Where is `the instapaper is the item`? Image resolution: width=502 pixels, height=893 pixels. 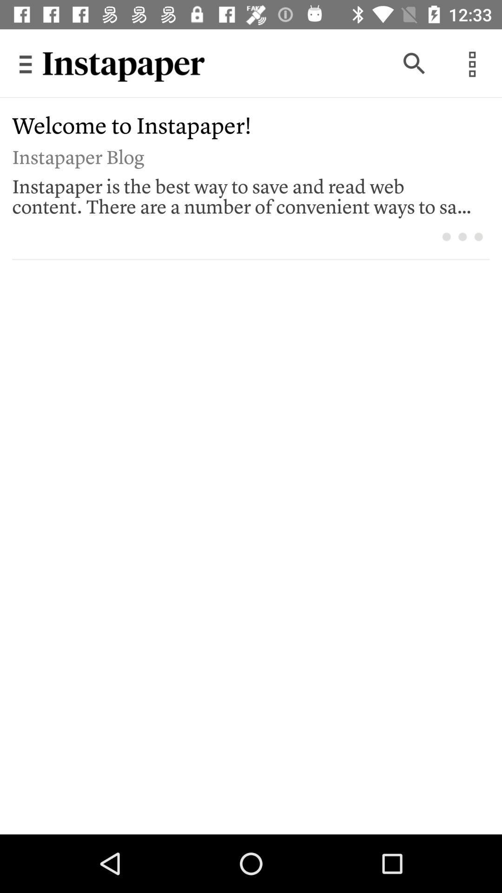
the instapaper is the item is located at coordinates (244, 193).